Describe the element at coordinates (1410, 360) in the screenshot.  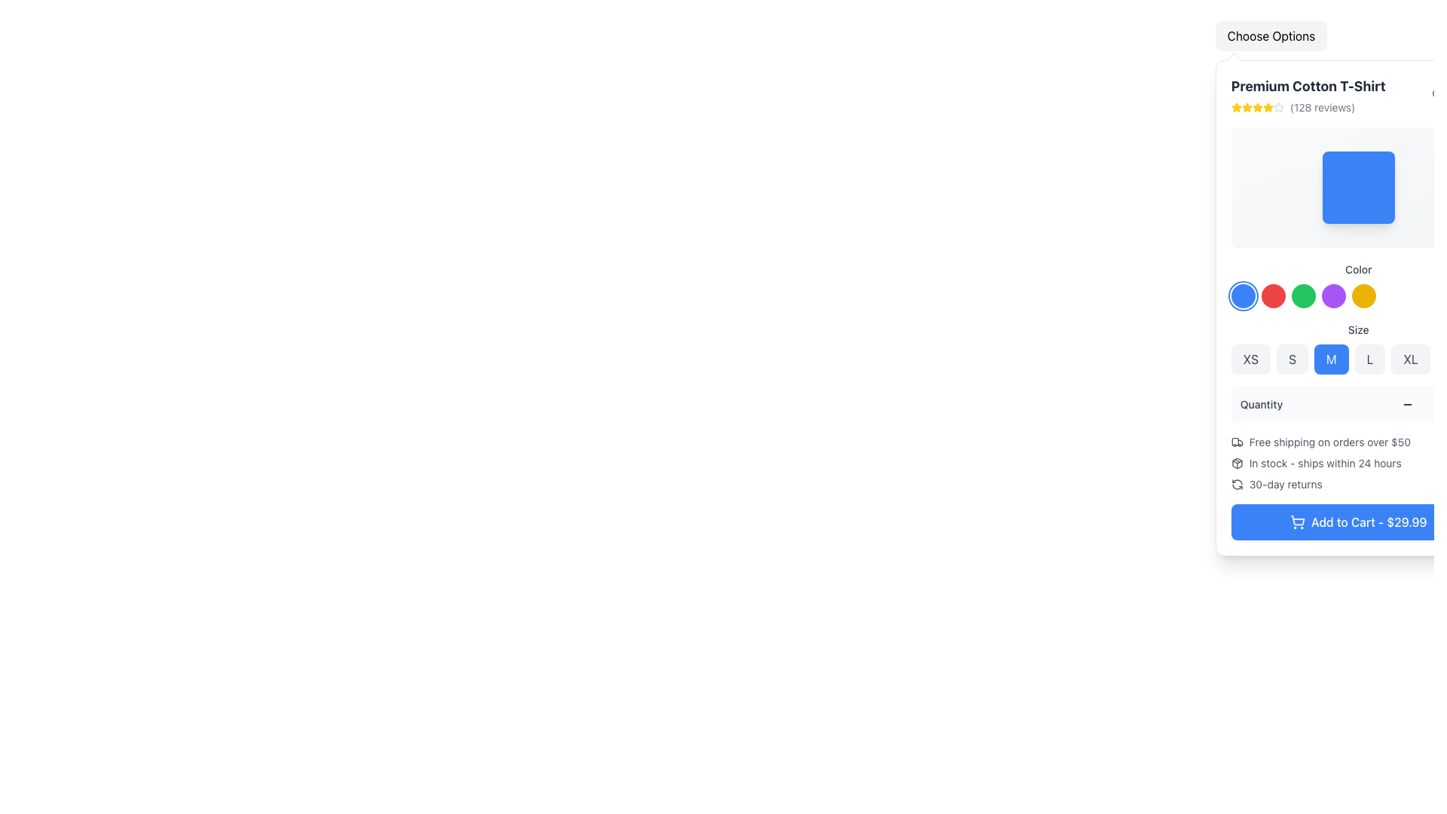
I see `the 'XL' button, which is the fifth button in the size selection group` at that location.